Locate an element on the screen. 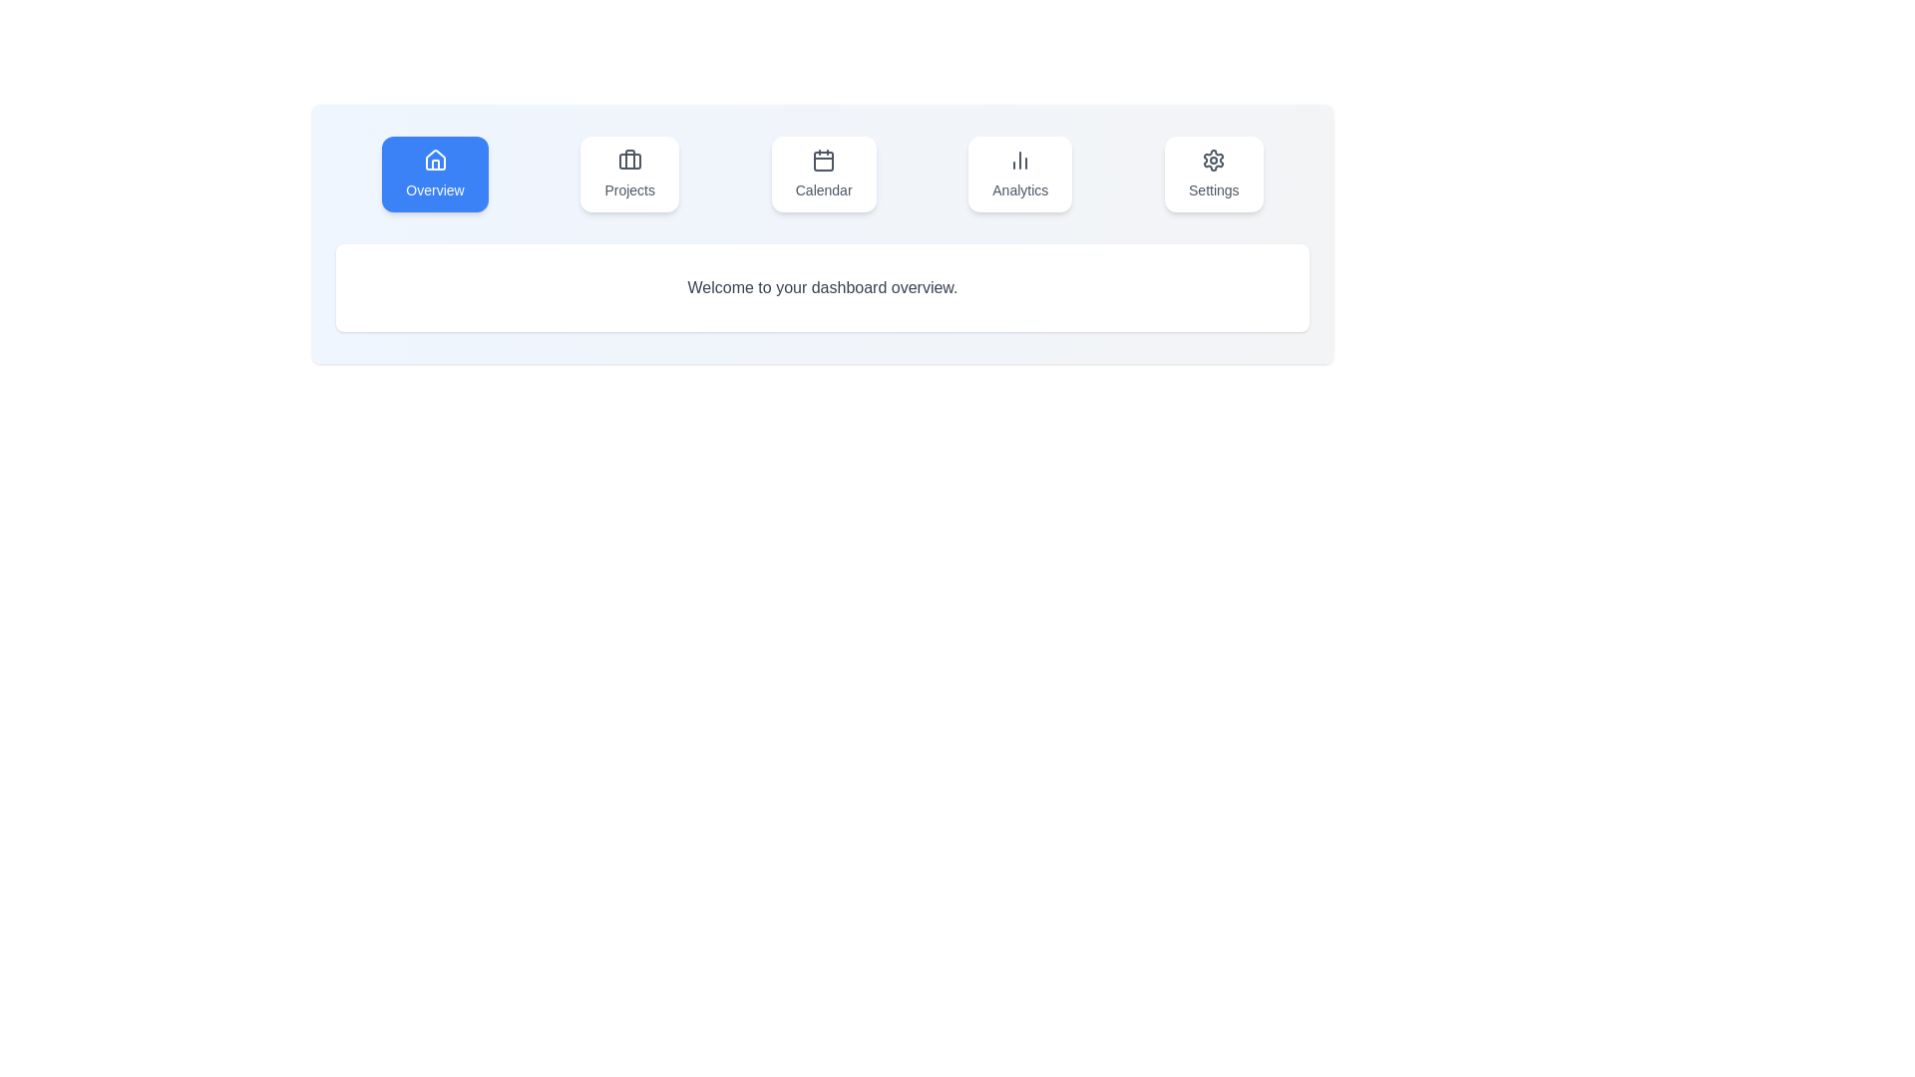 This screenshot has height=1077, width=1915. the text label that serves as a description for the calendar icon, positioned as the third element from the left in a row of similar items is located at coordinates (824, 190).